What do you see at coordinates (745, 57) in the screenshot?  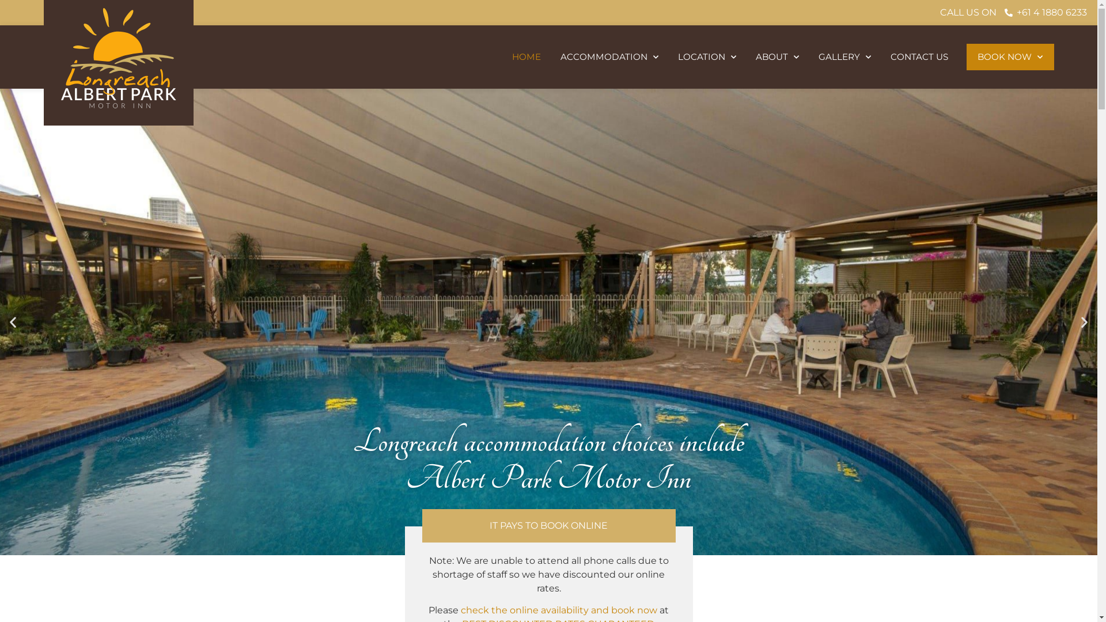 I see `'ABOUT'` at bounding box center [745, 57].